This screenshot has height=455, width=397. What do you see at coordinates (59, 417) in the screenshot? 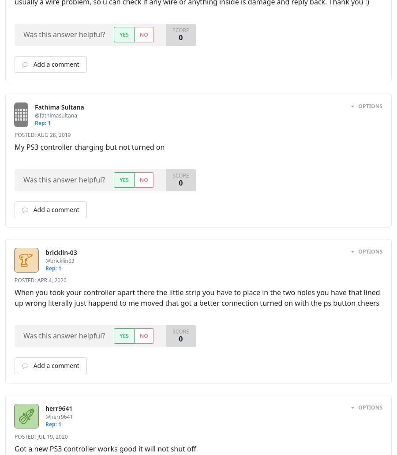
I see `'@herr9641'` at bounding box center [59, 417].